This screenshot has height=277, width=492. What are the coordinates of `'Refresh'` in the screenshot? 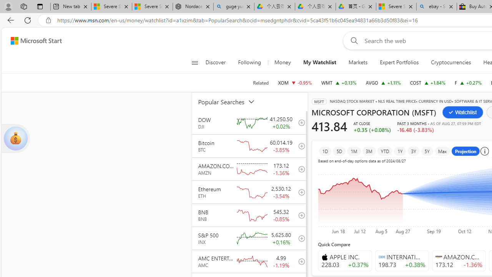 It's located at (28, 20).